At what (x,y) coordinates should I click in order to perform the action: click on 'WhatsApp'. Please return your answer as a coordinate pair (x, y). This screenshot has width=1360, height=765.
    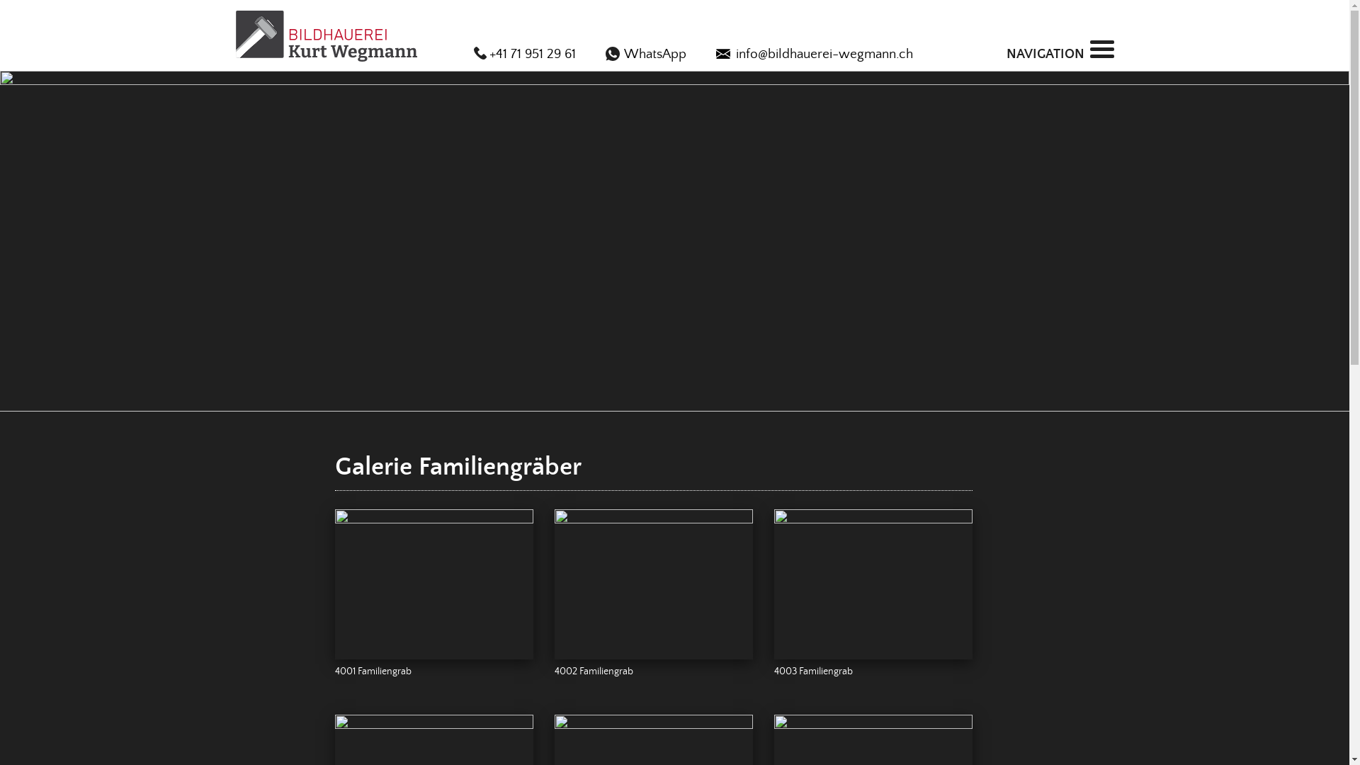
    Looking at the image, I should click on (645, 54).